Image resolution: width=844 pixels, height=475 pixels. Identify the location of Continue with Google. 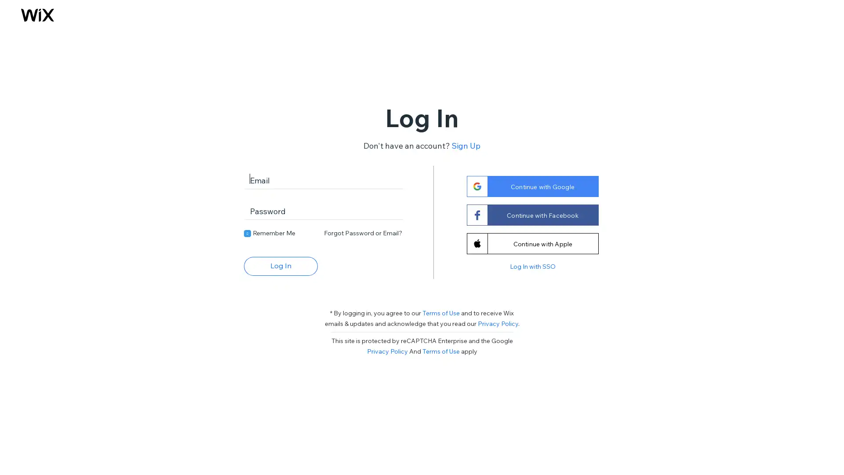
(531, 186).